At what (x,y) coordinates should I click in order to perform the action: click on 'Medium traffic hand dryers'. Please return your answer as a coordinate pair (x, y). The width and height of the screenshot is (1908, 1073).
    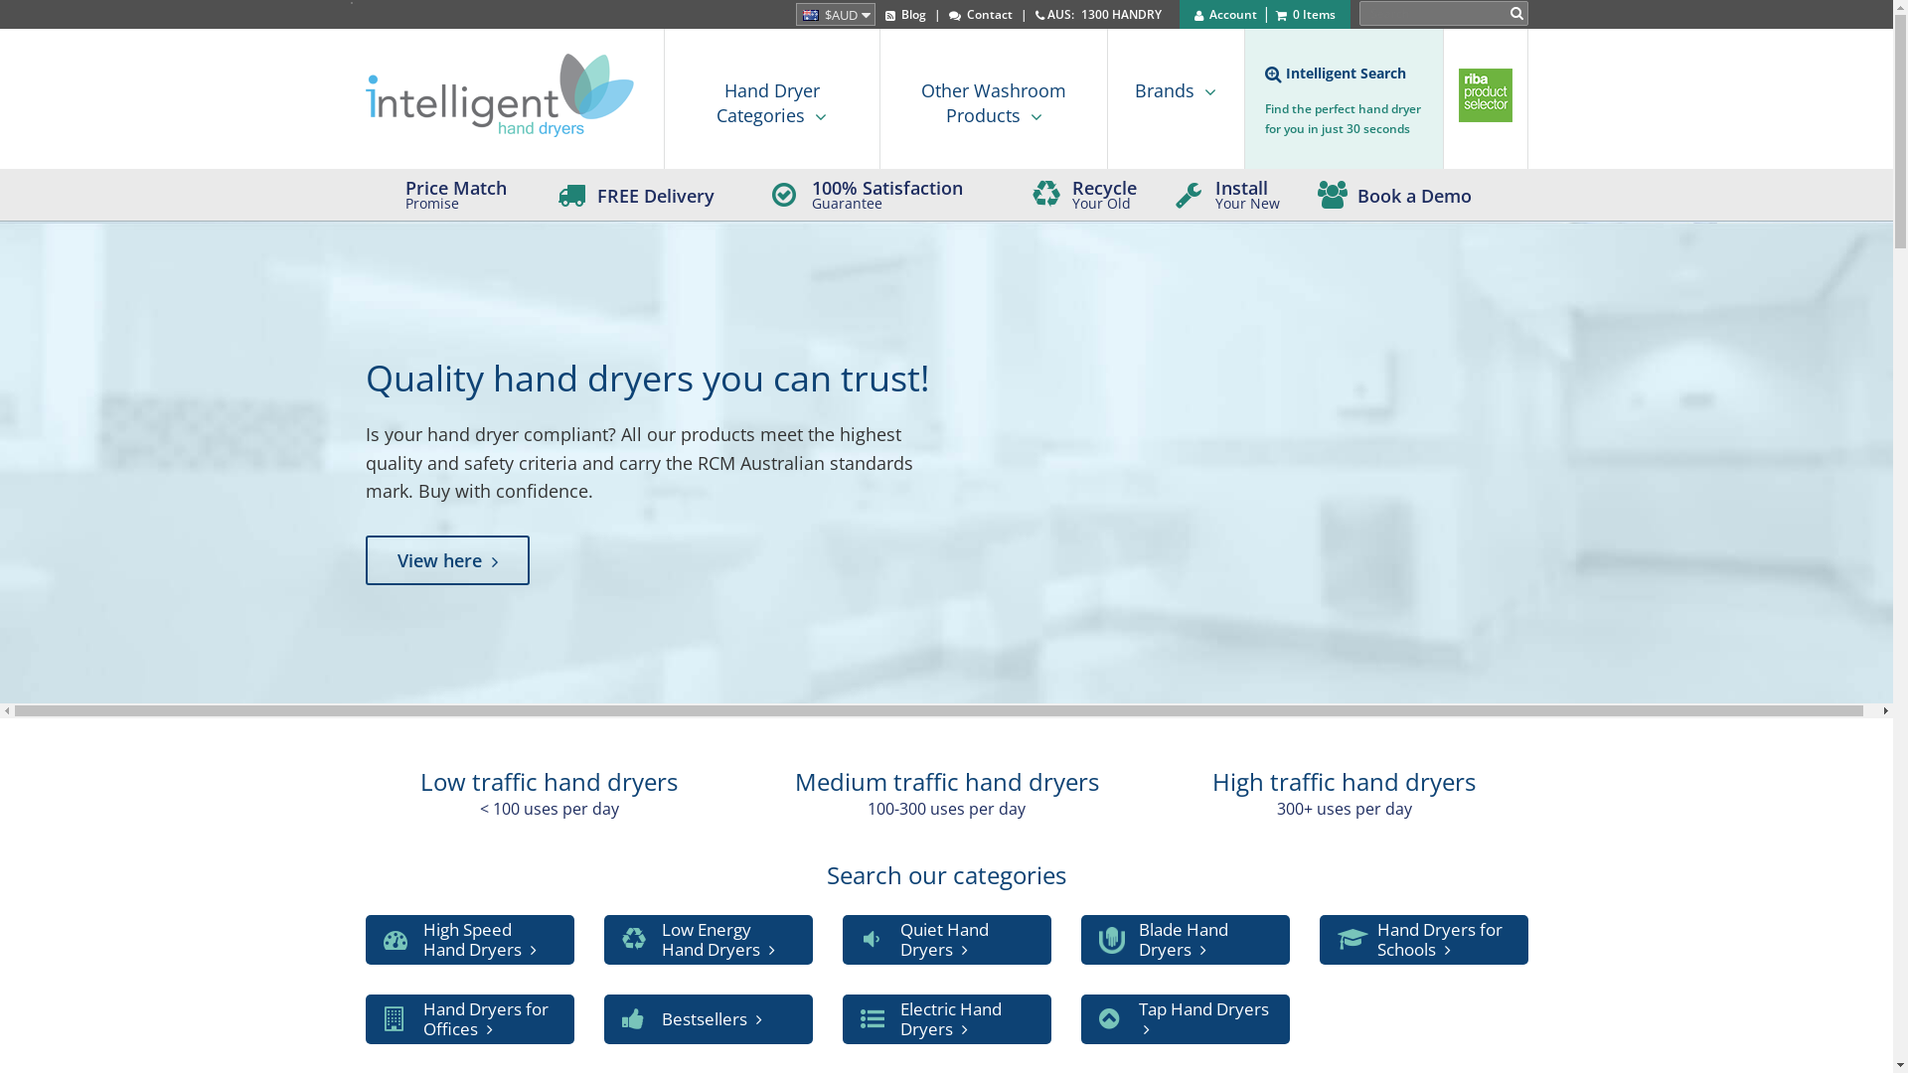
    Looking at the image, I should click on (946, 780).